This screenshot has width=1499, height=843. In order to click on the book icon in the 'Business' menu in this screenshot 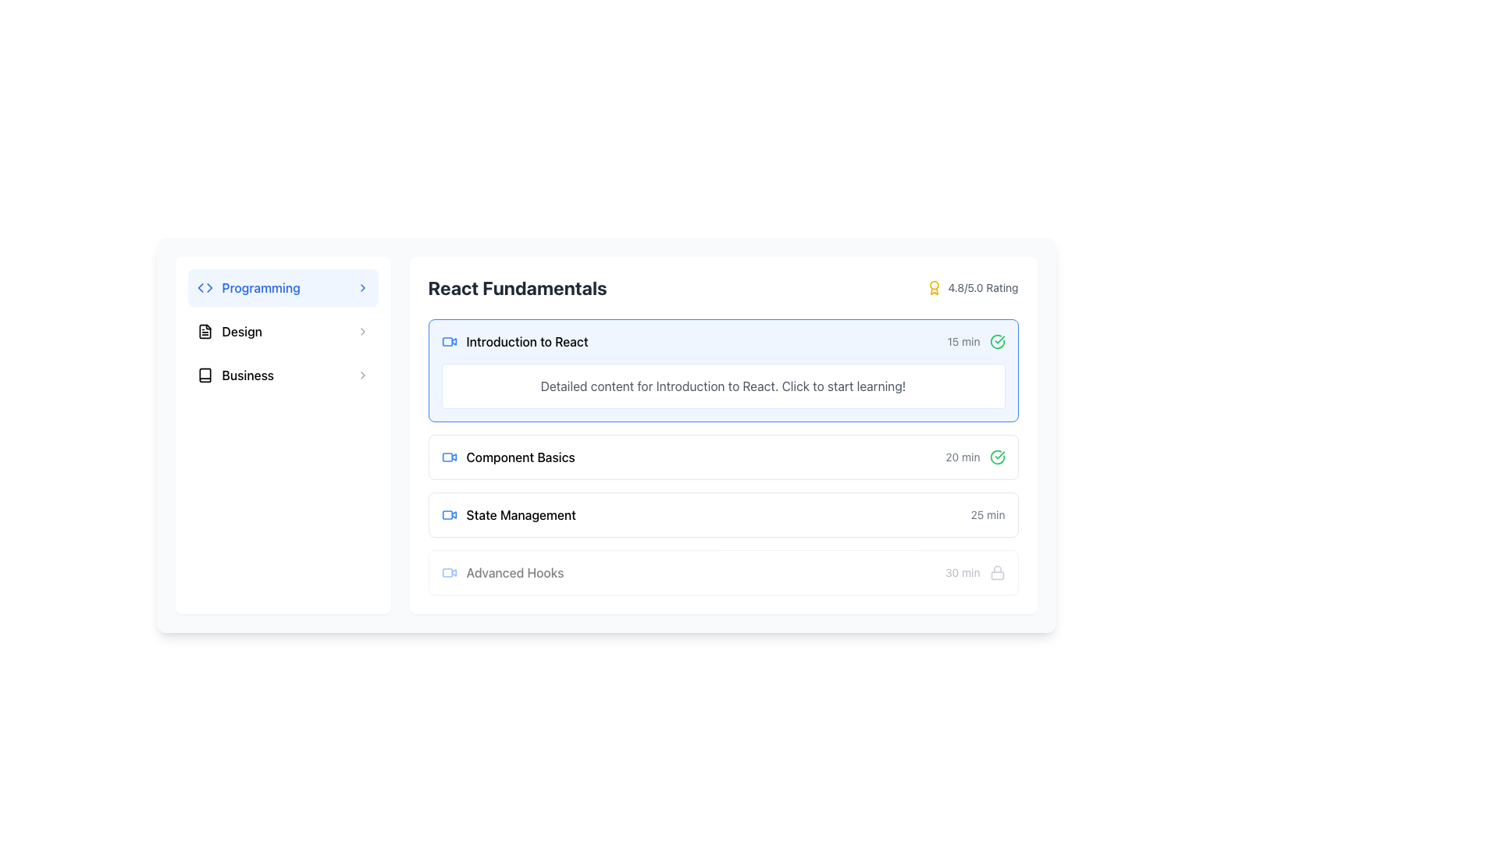, I will do `click(204, 375)`.